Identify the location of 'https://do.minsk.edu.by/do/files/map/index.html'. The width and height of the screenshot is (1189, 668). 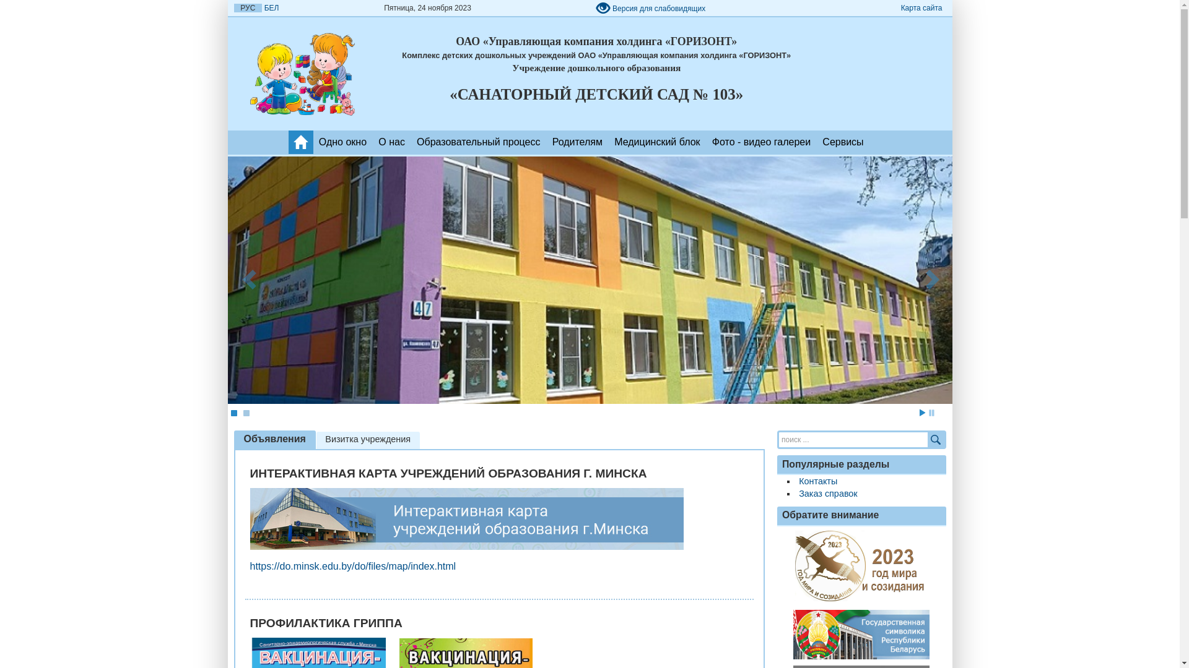
(352, 566).